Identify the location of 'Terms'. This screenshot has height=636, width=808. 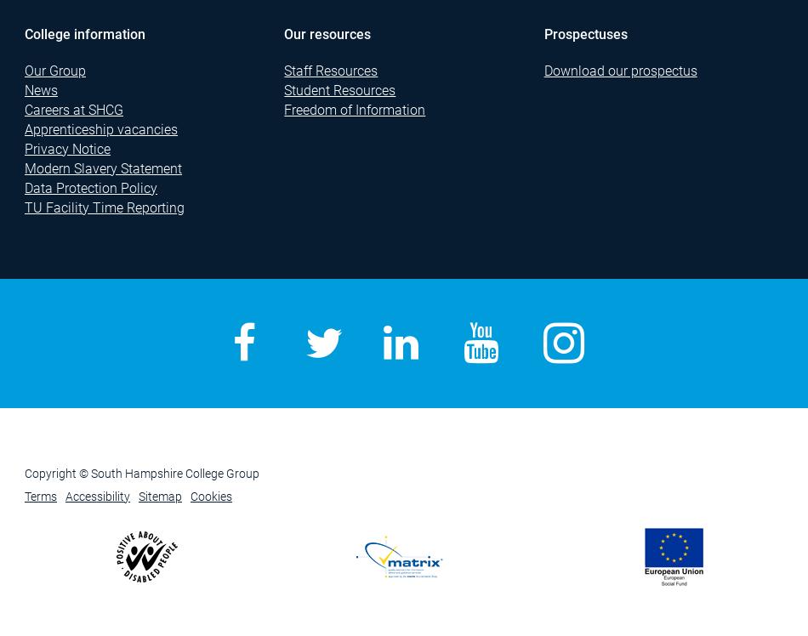
(40, 497).